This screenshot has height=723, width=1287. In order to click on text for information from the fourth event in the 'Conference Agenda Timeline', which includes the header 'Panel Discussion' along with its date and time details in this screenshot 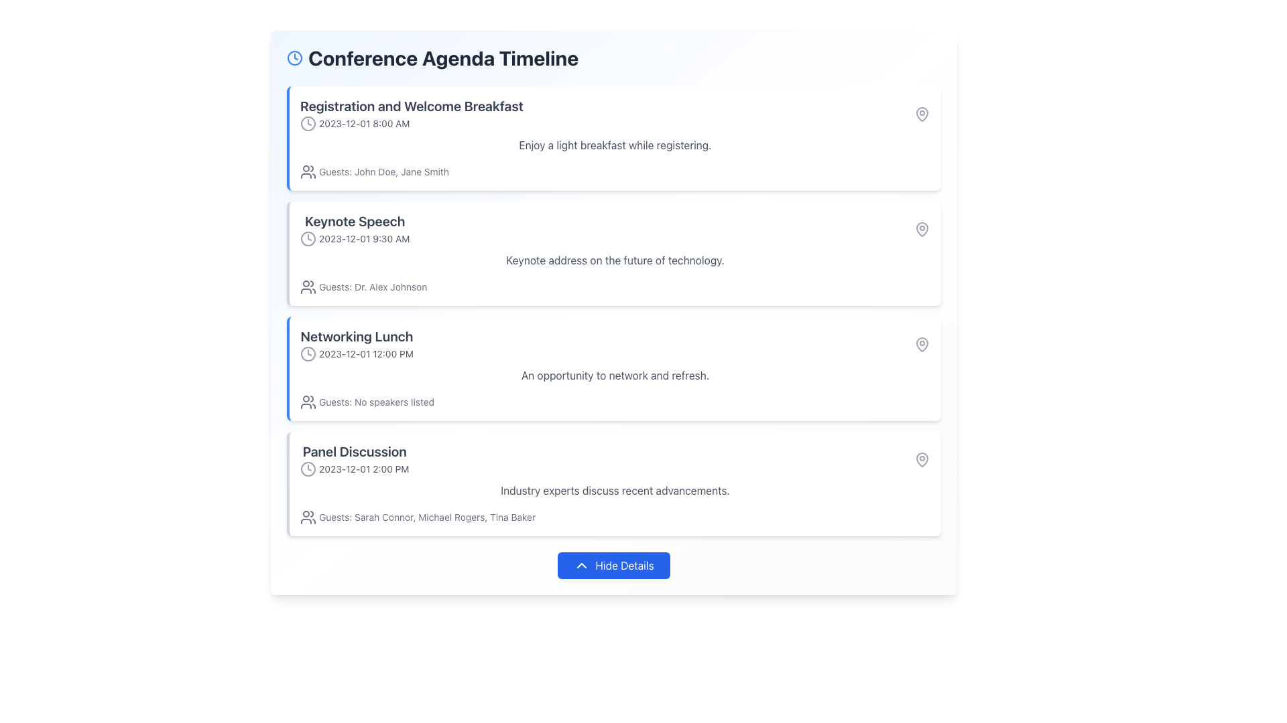, I will do `click(355, 459)`.